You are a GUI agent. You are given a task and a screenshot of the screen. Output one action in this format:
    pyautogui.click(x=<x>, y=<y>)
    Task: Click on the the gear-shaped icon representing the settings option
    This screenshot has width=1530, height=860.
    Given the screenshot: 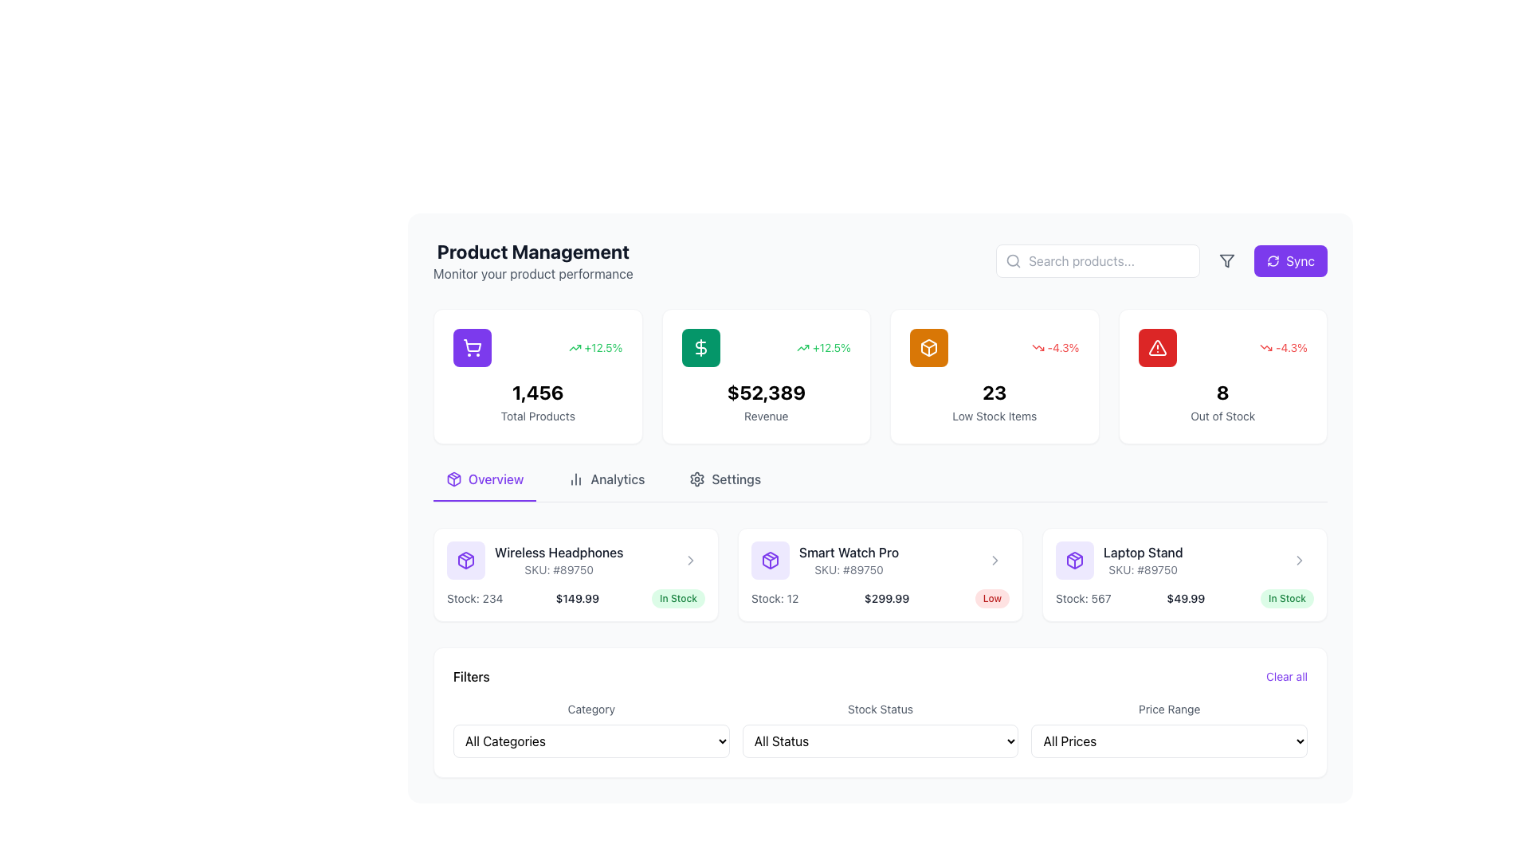 What is the action you would take?
    pyautogui.click(x=697, y=478)
    